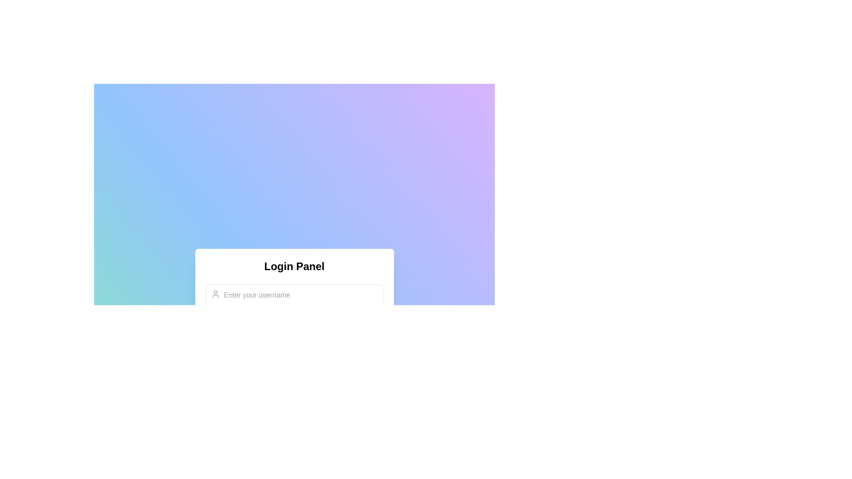 This screenshot has width=852, height=479. I want to click on the SVG graphic within the rounded green button that serves as a success indicator, located below the 'Login Panel', so click(213, 350).